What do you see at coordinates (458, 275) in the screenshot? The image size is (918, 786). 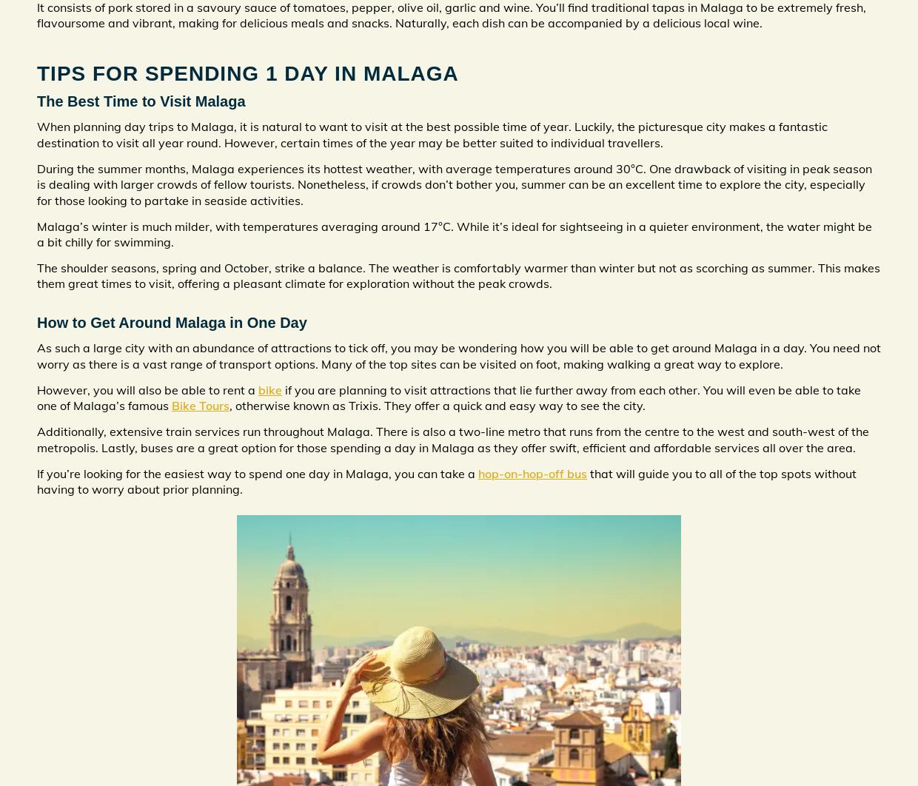 I see `'The shoulder seasons, spring and October, strike a balance. The weather is comfortably warmer than winter but not as scorching as summer. This makes them great times to visit, offering a pleasant climate for exploration without the peak crowds.'` at bounding box center [458, 275].